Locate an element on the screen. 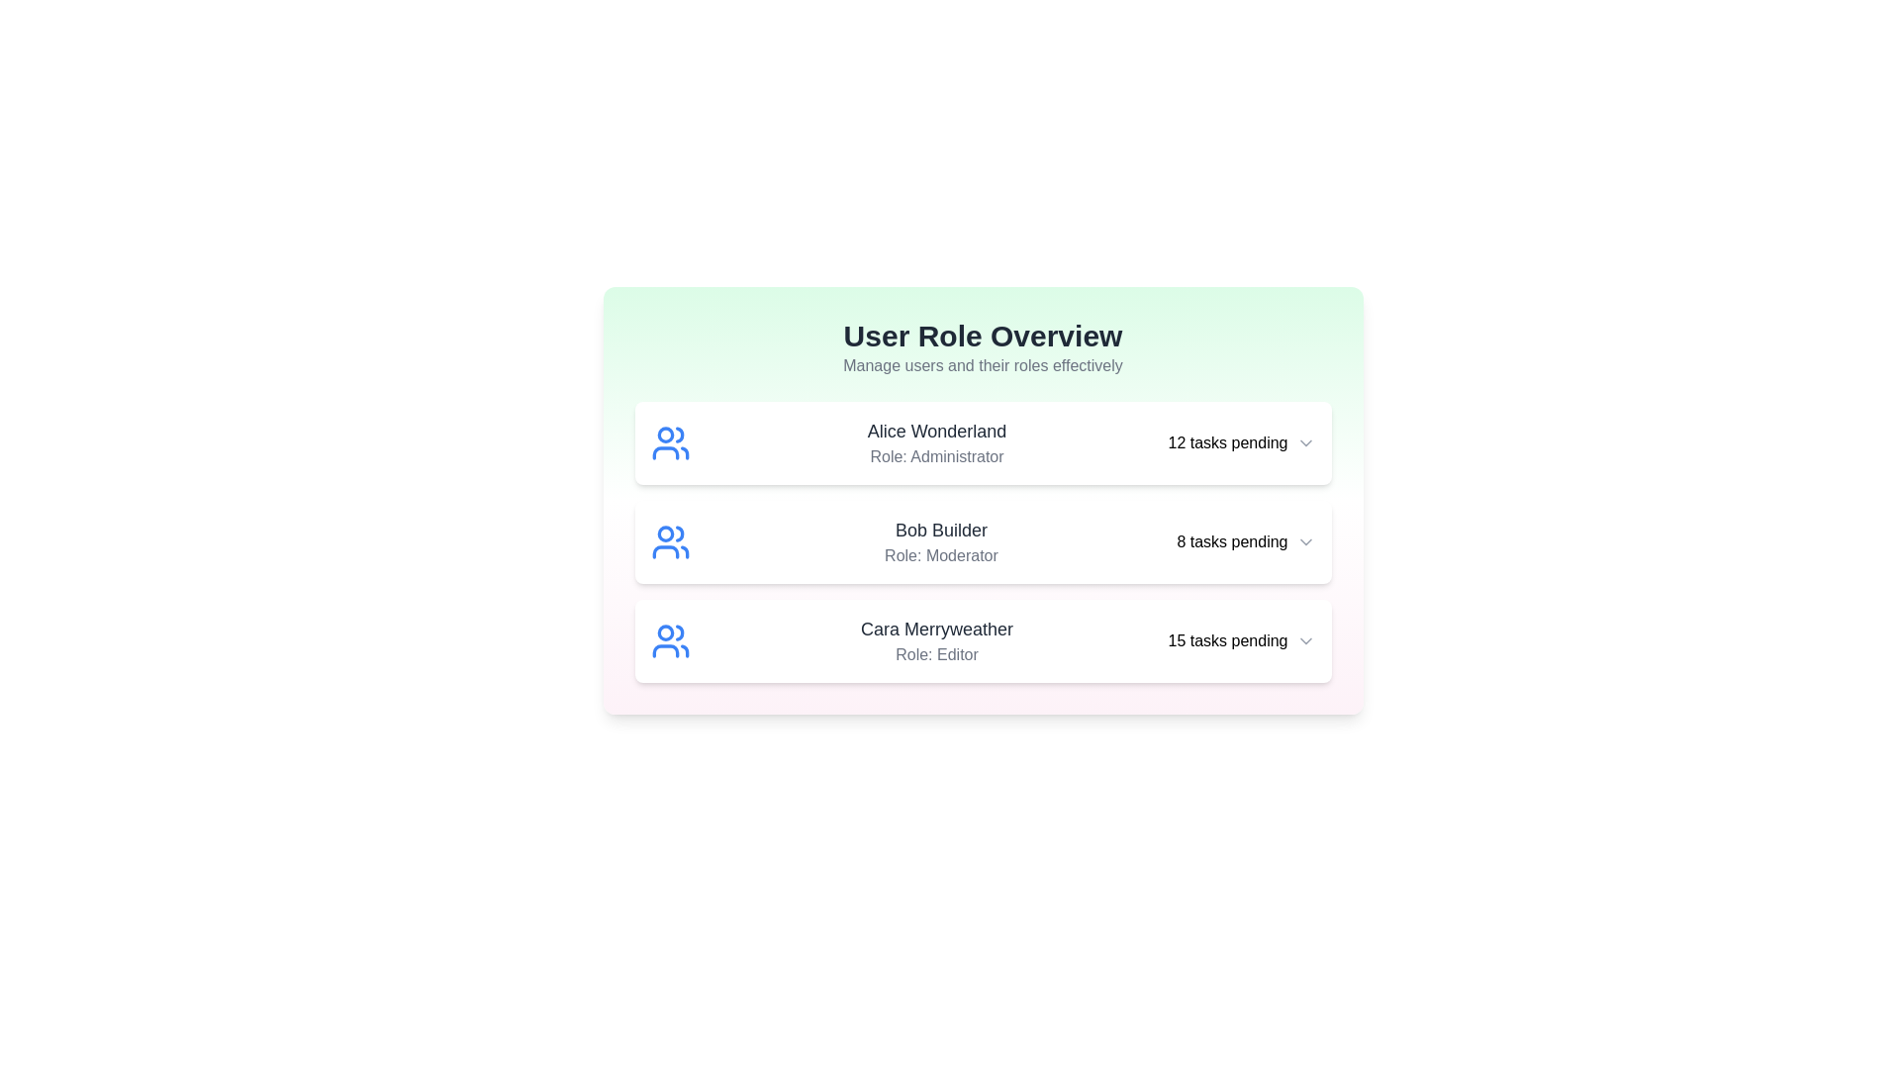  the user item corresponding to Bob Builder is located at coordinates (983, 541).